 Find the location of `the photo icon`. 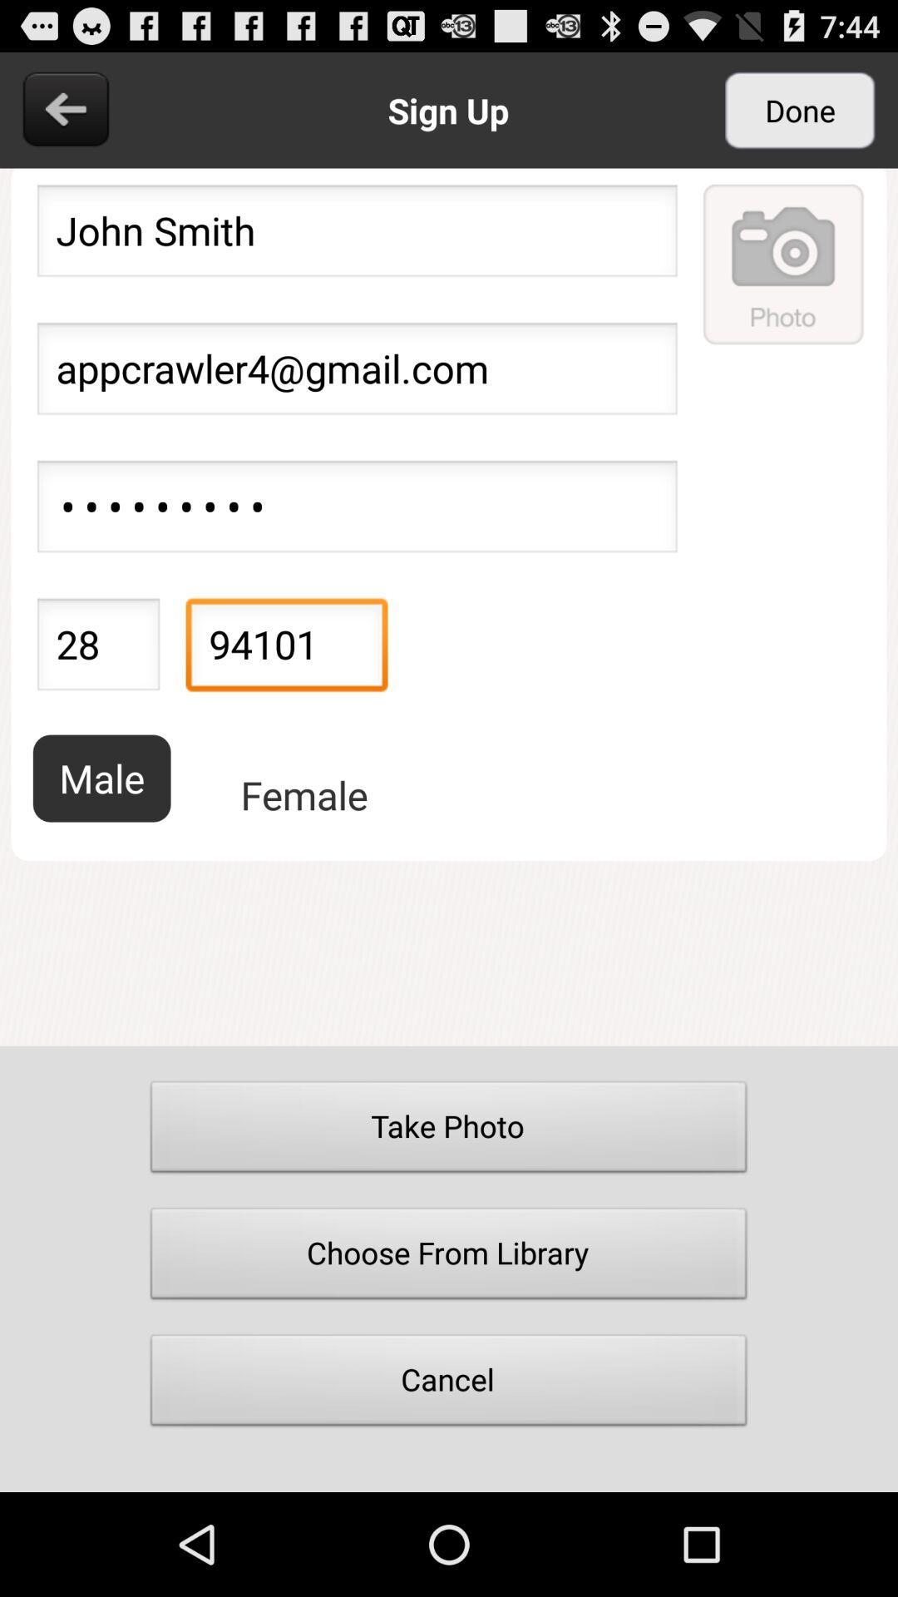

the photo icon is located at coordinates (784, 282).